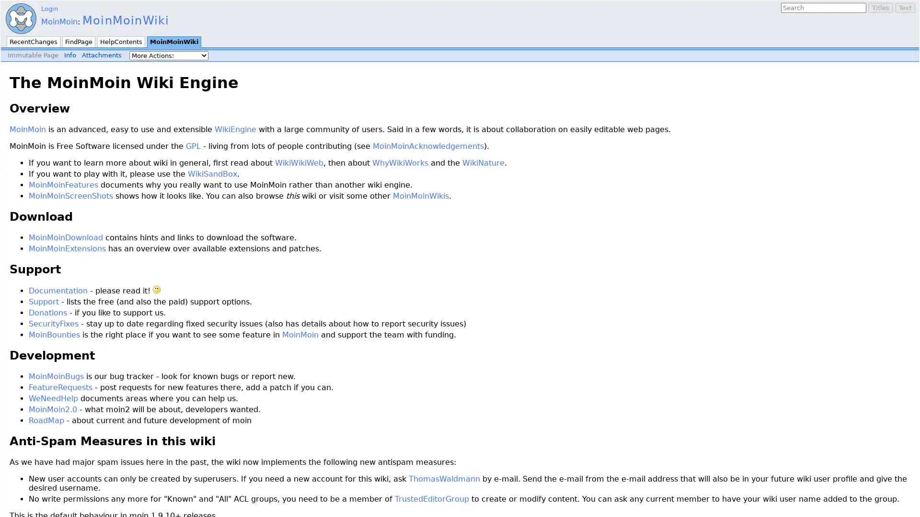 This screenshot has width=920, height=517. Describe the element at coordinates (881, 8) in the screenshot. I see `Titles` at that location.